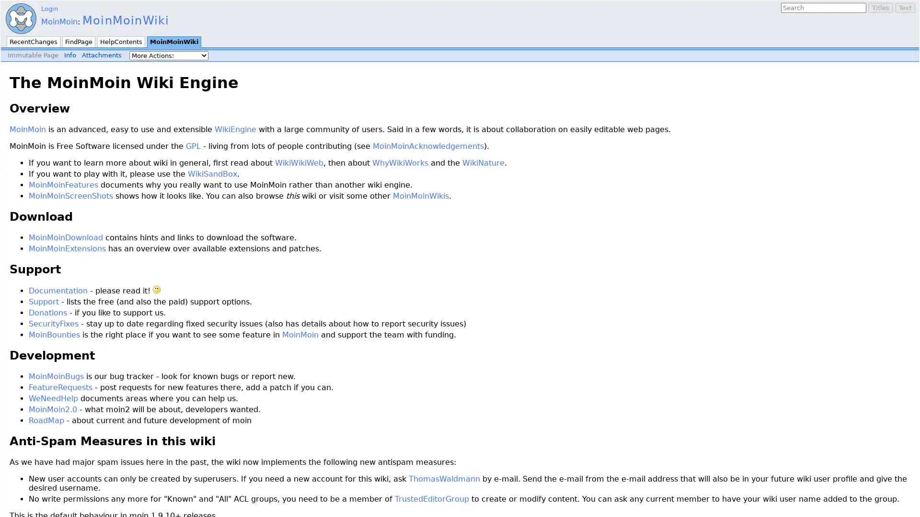 This screenshot has width=920, height=517. Describe the element at coordinates (881, 8) in the screenshot. I see `Titles` at that location.